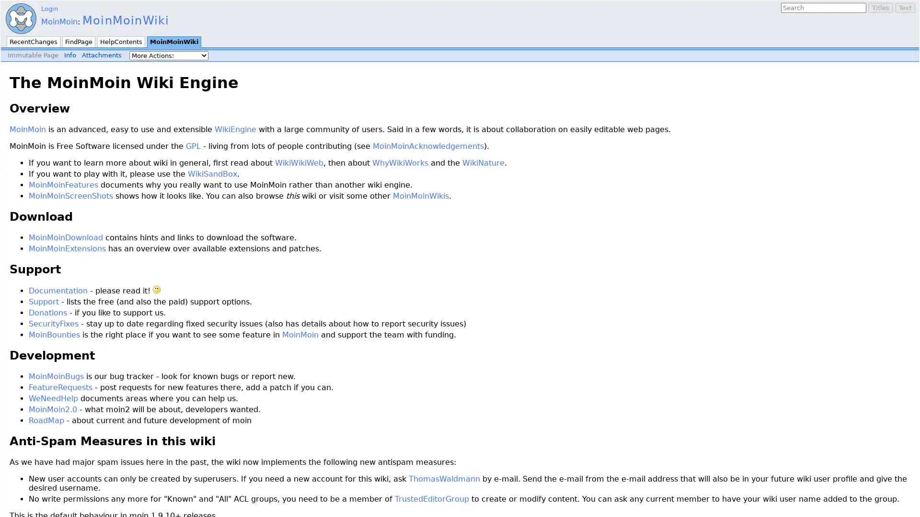 This screenshot has width=920, height=517. Describe the element at coordinates (881, 8) in the screenshot. I see `Titles` at that location.